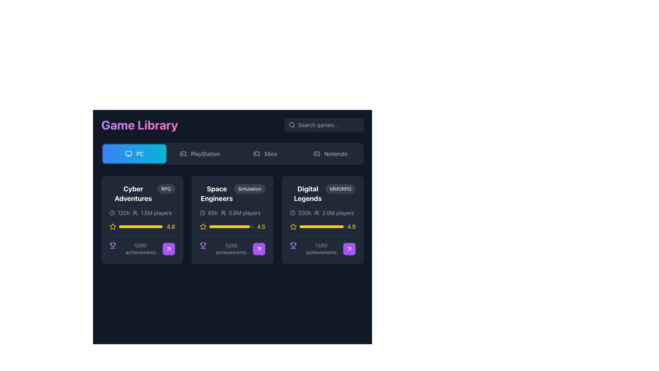 The height and width of the screenshot is (371, 659). Describe the element at coordinates (316, 249) in the screenshot. I see `the Progress summary label which features a purple trophy icon and the text '12/50 achievements' in gray color, located in the bottom portion of the 'Digital Legends' card` at that location.